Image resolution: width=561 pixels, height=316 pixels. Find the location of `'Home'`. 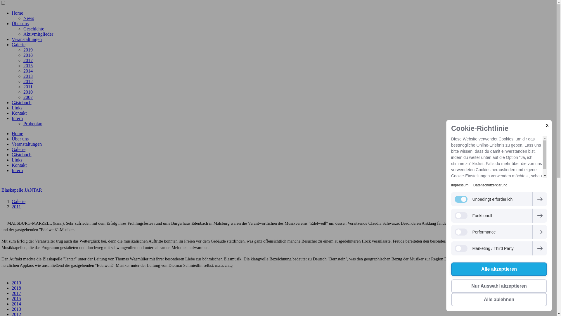

'Home' is located at coordinates (17, 13).